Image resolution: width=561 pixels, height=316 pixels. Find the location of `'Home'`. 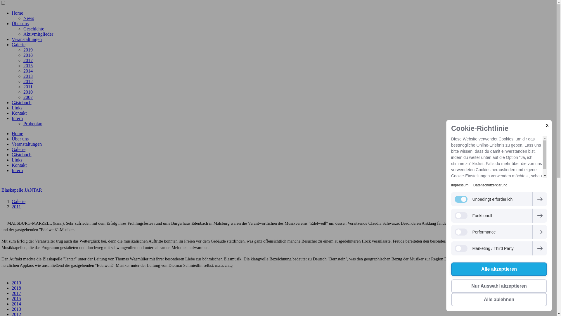

'Home' is located at coordinates (17, 13).